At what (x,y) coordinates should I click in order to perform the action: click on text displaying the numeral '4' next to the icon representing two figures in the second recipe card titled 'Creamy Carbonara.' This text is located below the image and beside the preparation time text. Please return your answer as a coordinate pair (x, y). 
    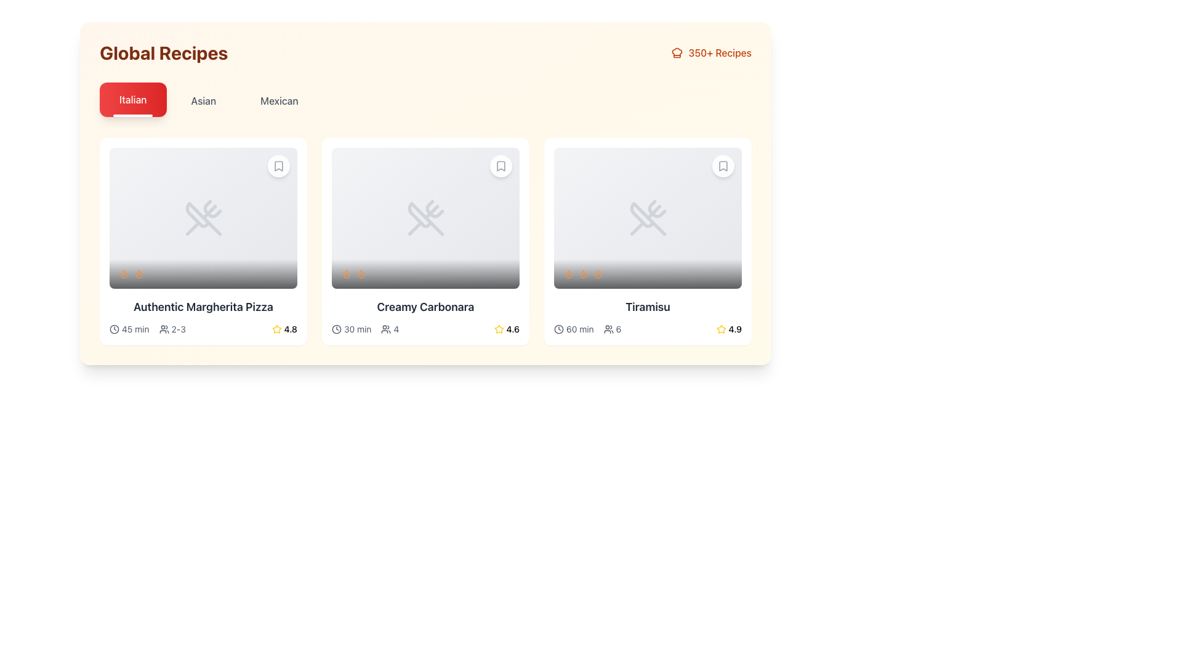
    Looking at the image, I should click on (389, 328).